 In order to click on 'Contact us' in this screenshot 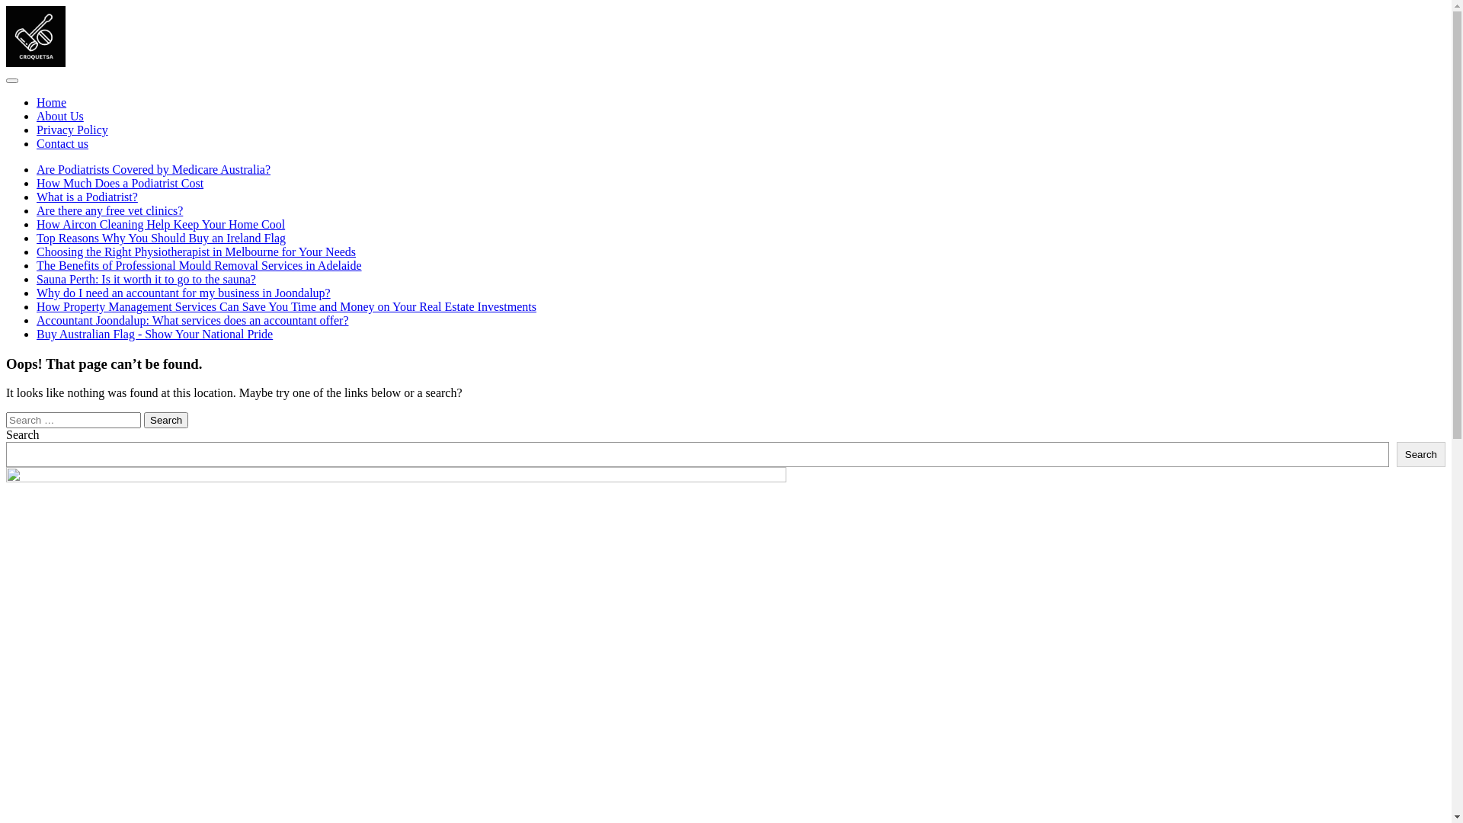, I will do `click(61, 143)`.